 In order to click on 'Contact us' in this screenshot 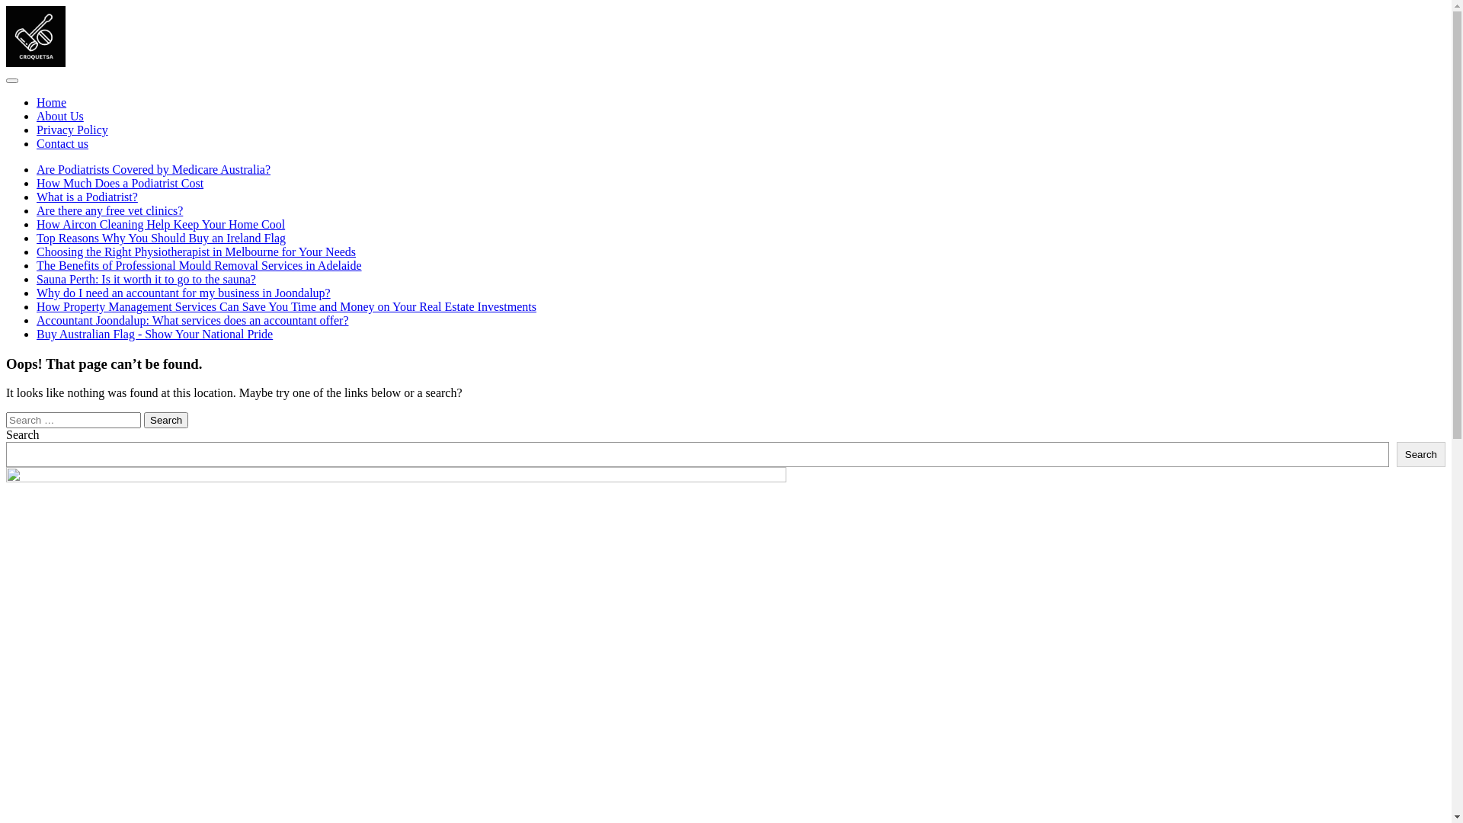, I will do `click(61, 143)`.